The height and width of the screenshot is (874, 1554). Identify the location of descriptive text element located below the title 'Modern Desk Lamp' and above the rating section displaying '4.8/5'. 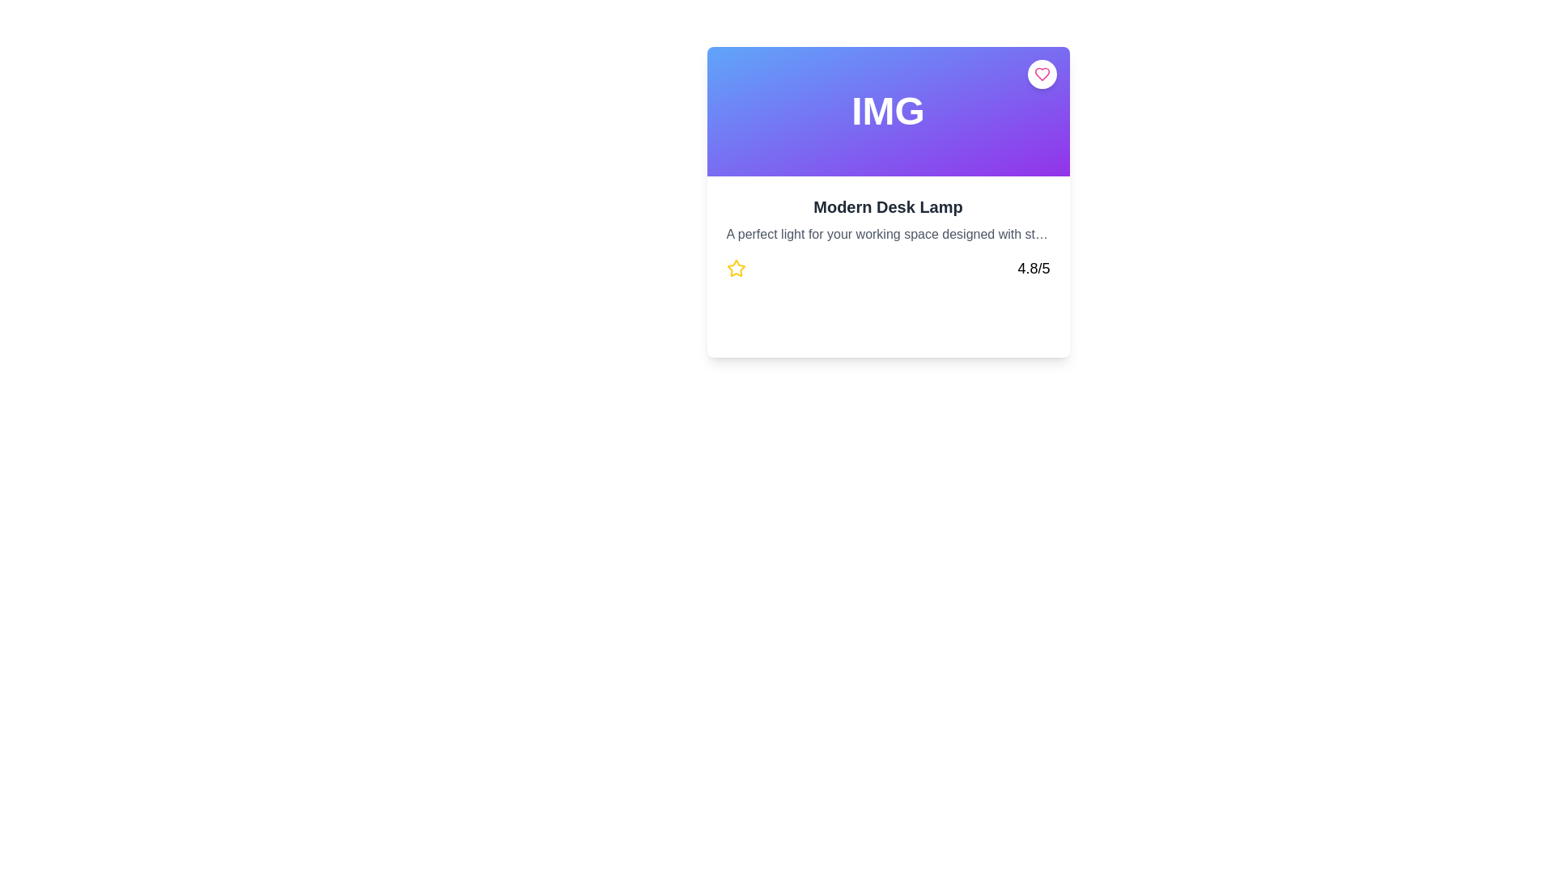
(887, 234).